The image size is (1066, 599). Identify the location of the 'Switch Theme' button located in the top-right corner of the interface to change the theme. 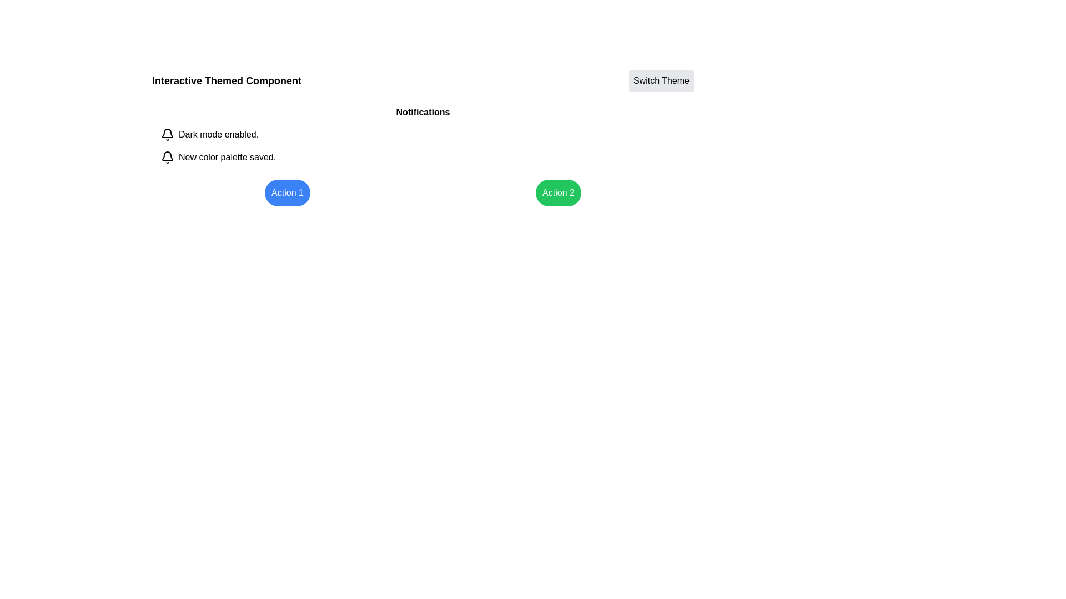
(661, 80).